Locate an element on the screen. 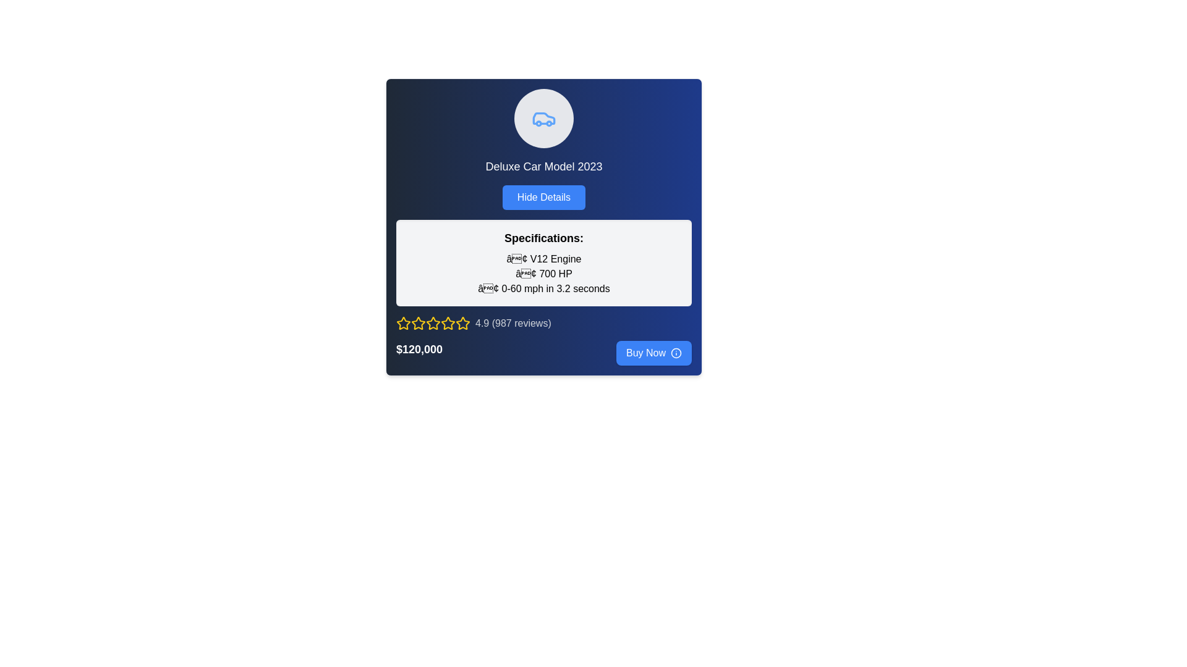 This screenshot has width=1187, height=667. the informational text element containing the bullet points 'V12 Engine', '700 HP', and '0-60 mph in 3.2 seconds', which is situated within a light gray background box below the 'Specifications:' text is located at coordinates (543, 273).